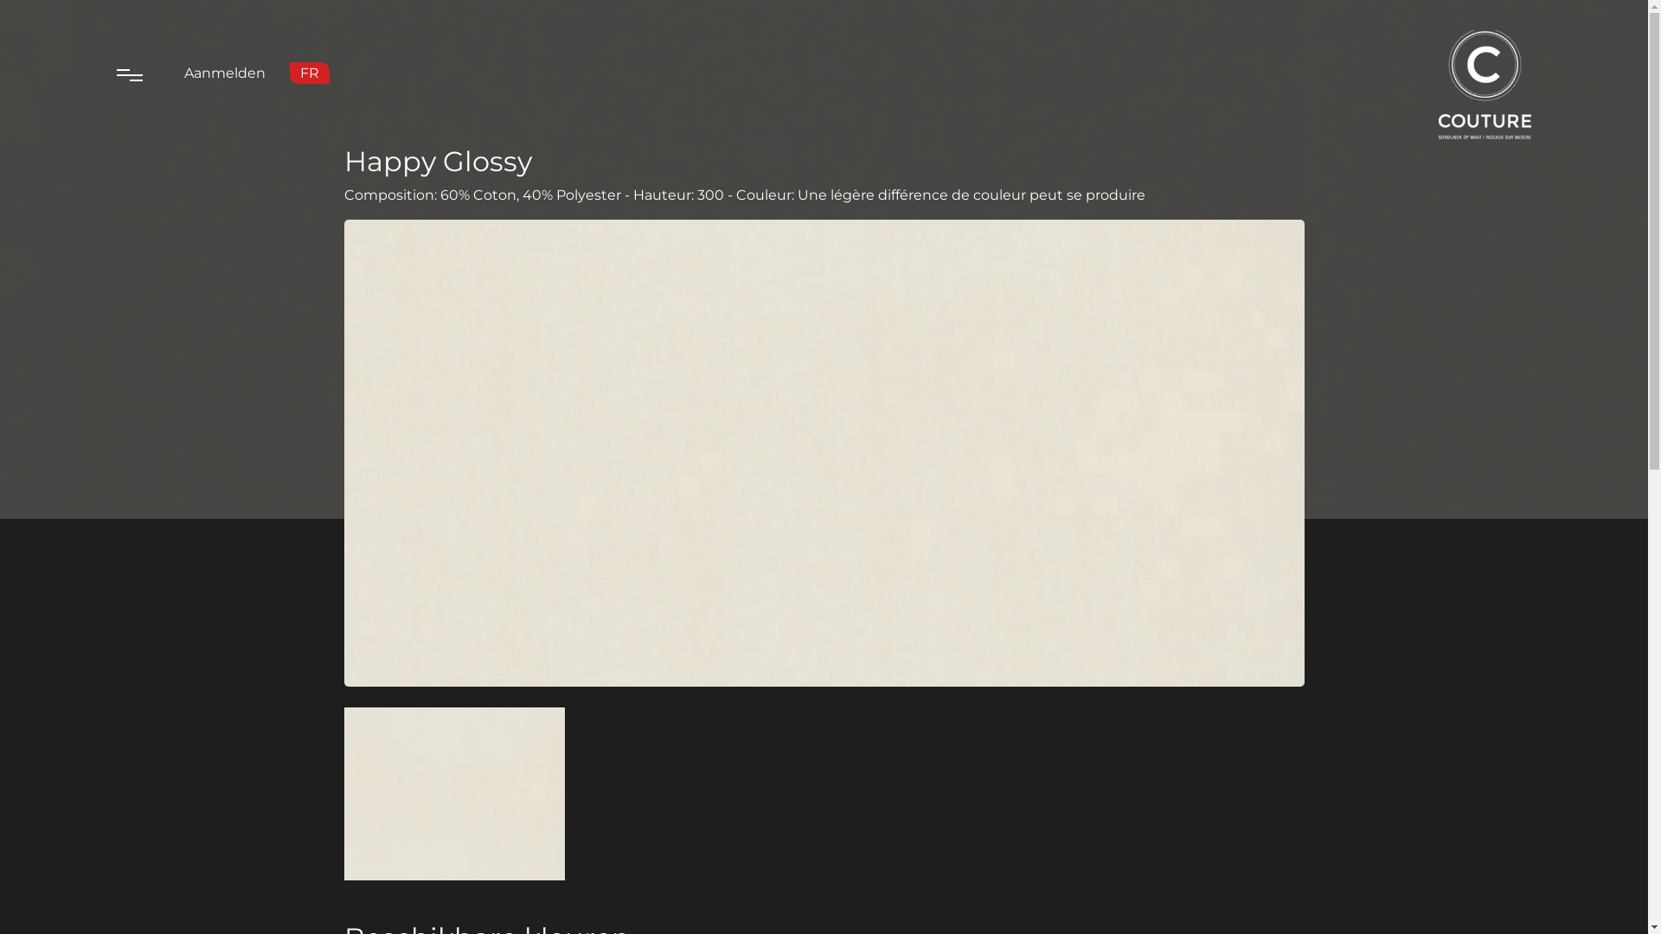 This screenshot has width=1661, height=934. Describe the element at coordinates (223, 72) in the screenshot. I see `'Aanmelden'` at that location.